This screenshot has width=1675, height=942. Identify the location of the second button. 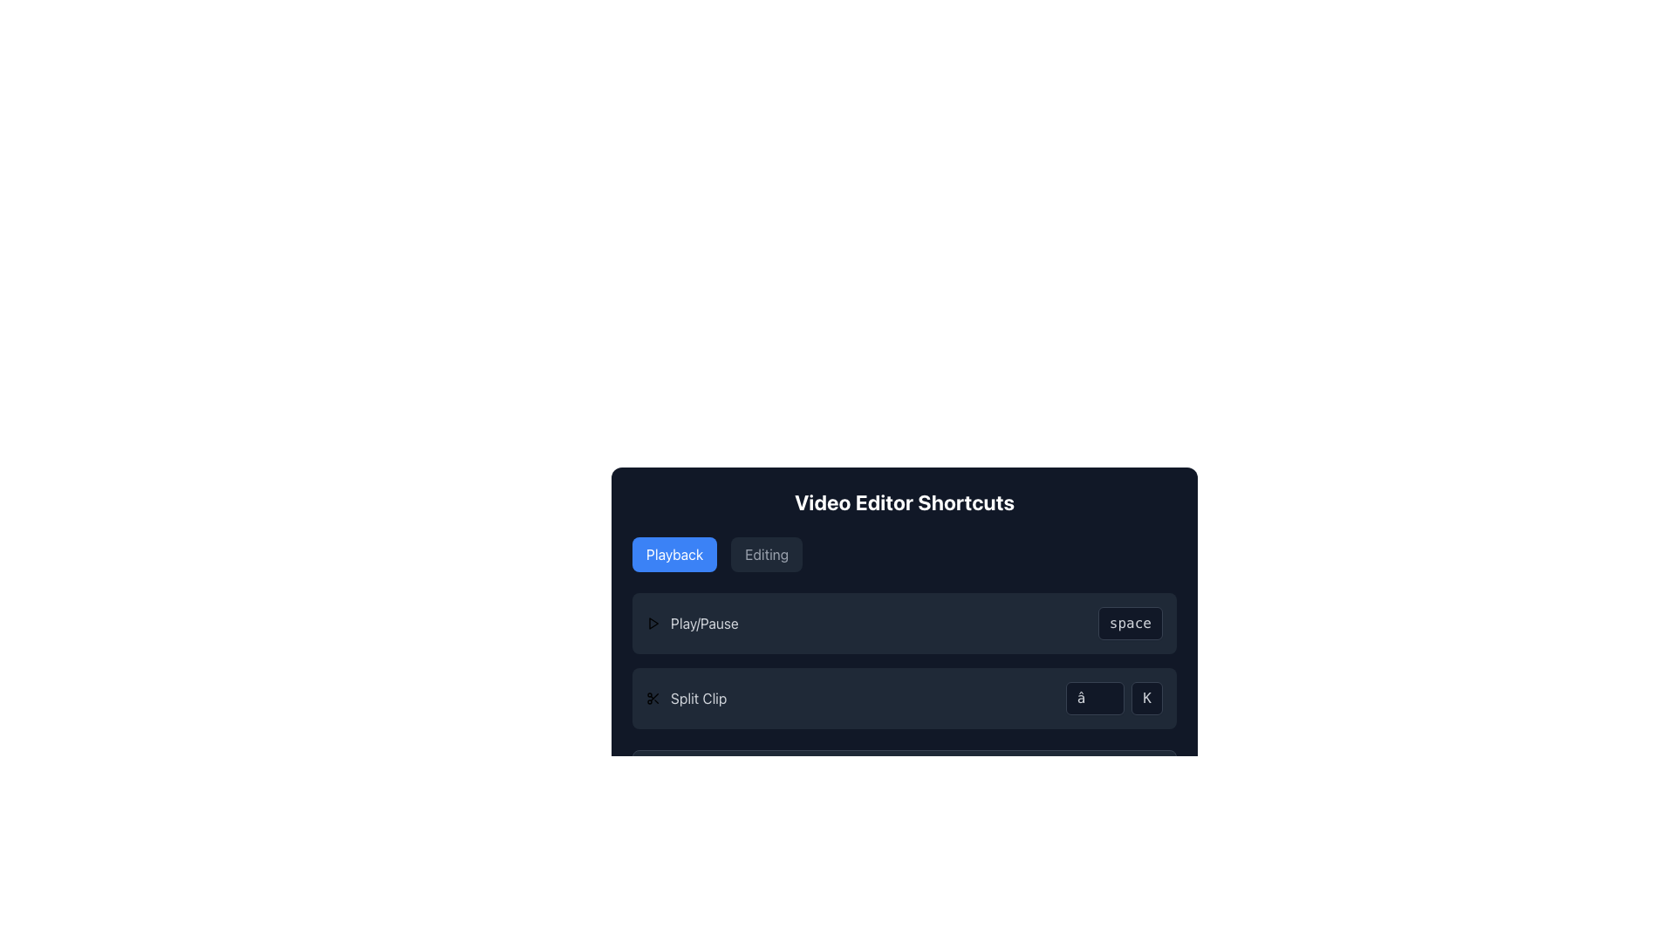
(767, 555).